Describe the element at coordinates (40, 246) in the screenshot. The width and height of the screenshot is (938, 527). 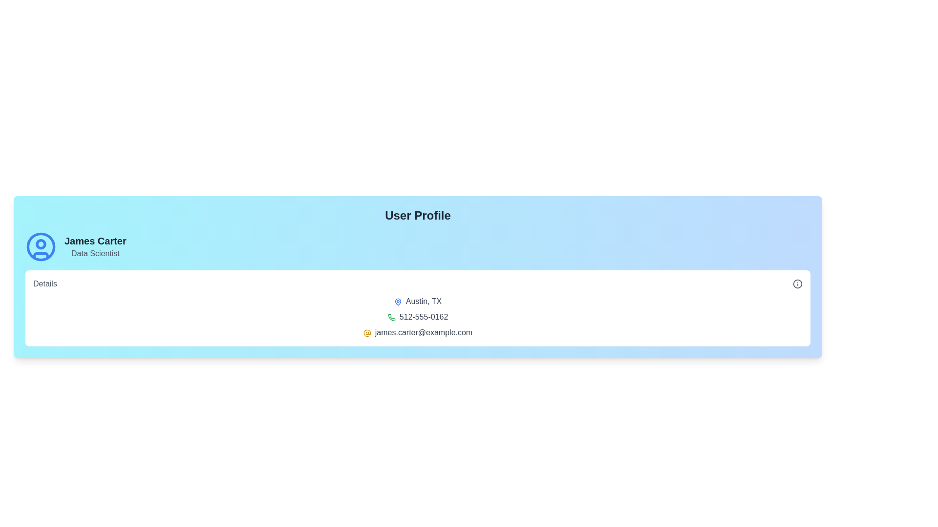
I see `the graphic circle element that is part of the user's profile picture, located to the left of the username 'James Carter'` at that location.